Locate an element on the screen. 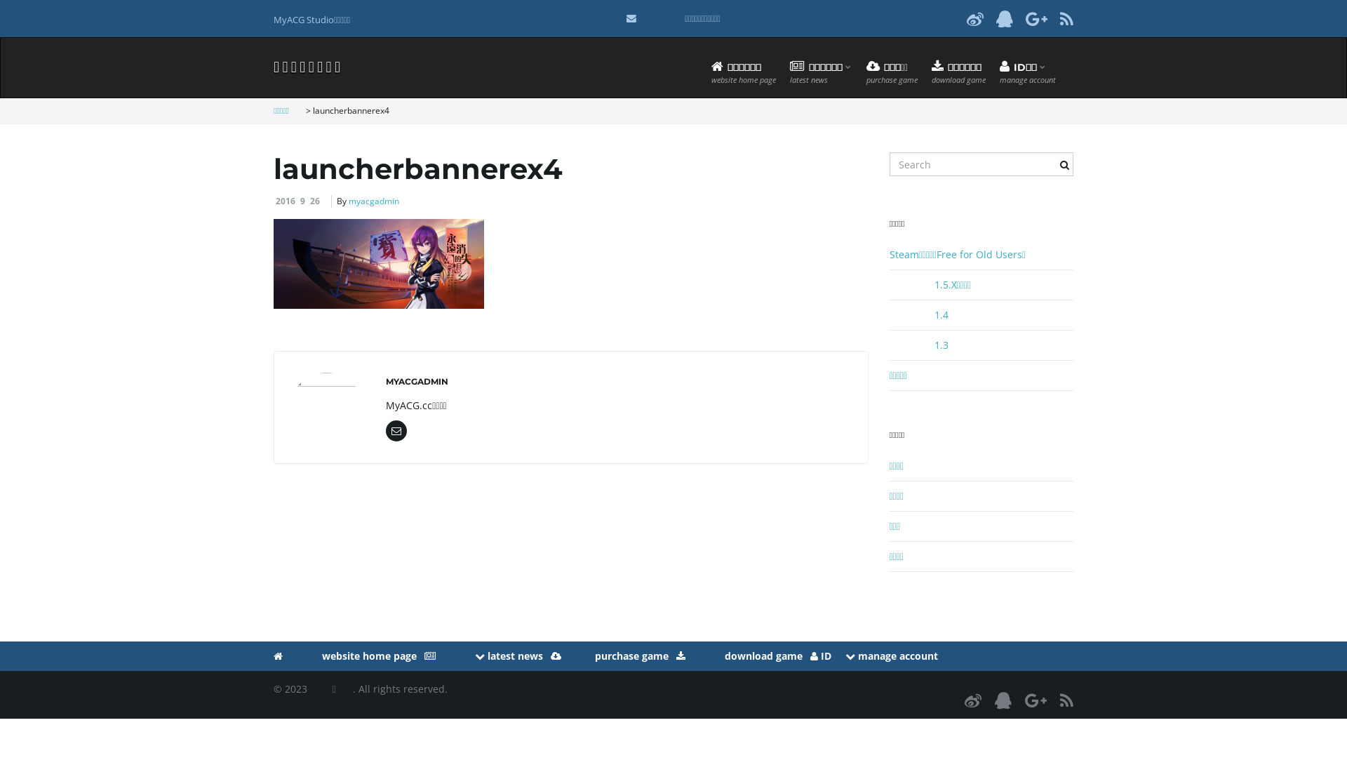 The width and height of the screenshot is (1347, 758). 'Google Plus' is located at coordinates (1036, 700).